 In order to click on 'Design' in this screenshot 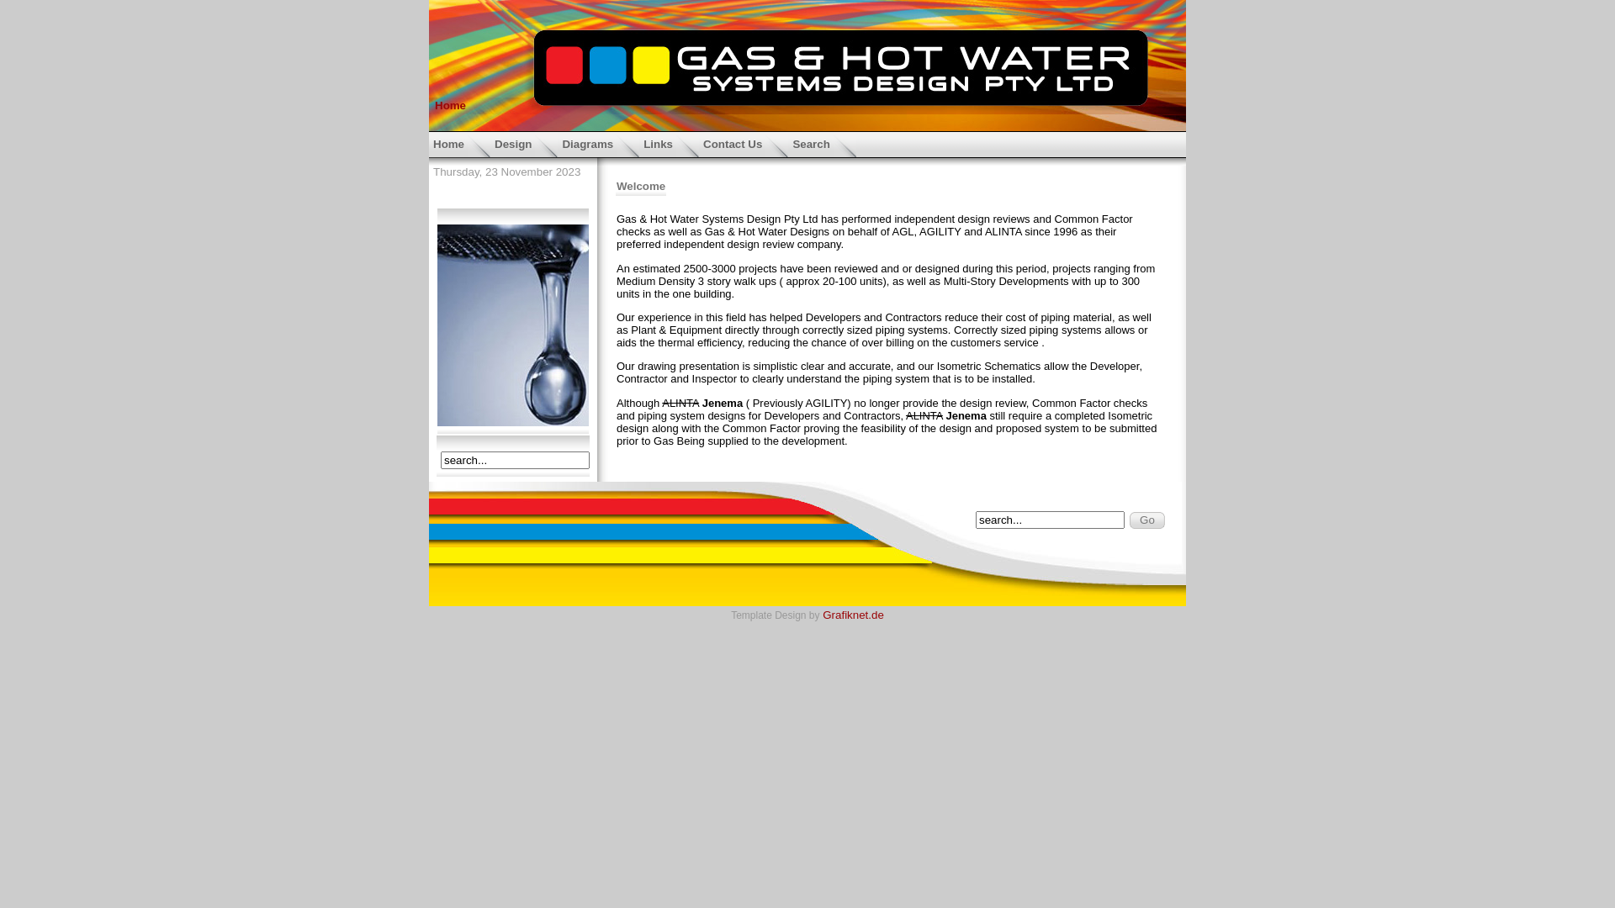, I will do `click(523, 143)`.